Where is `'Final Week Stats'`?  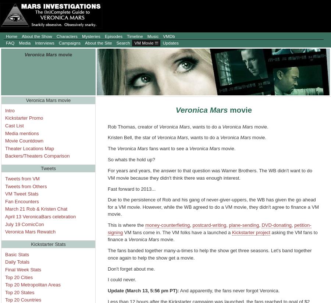
'Final Week Stats' is located at coordinates (23, 269).